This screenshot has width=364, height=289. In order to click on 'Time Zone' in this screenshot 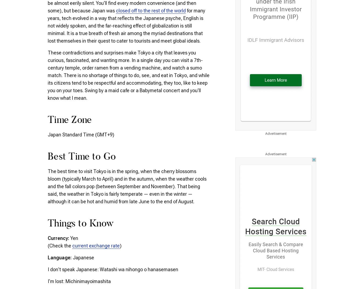, I will do `click(47, 120)`.